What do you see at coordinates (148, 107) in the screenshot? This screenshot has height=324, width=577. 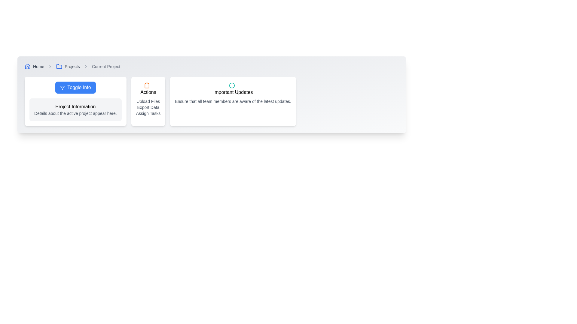 I see `the text display within the 'Actions' card, which lists various actions related to file management or task operations` at bounding box center [148, 107].